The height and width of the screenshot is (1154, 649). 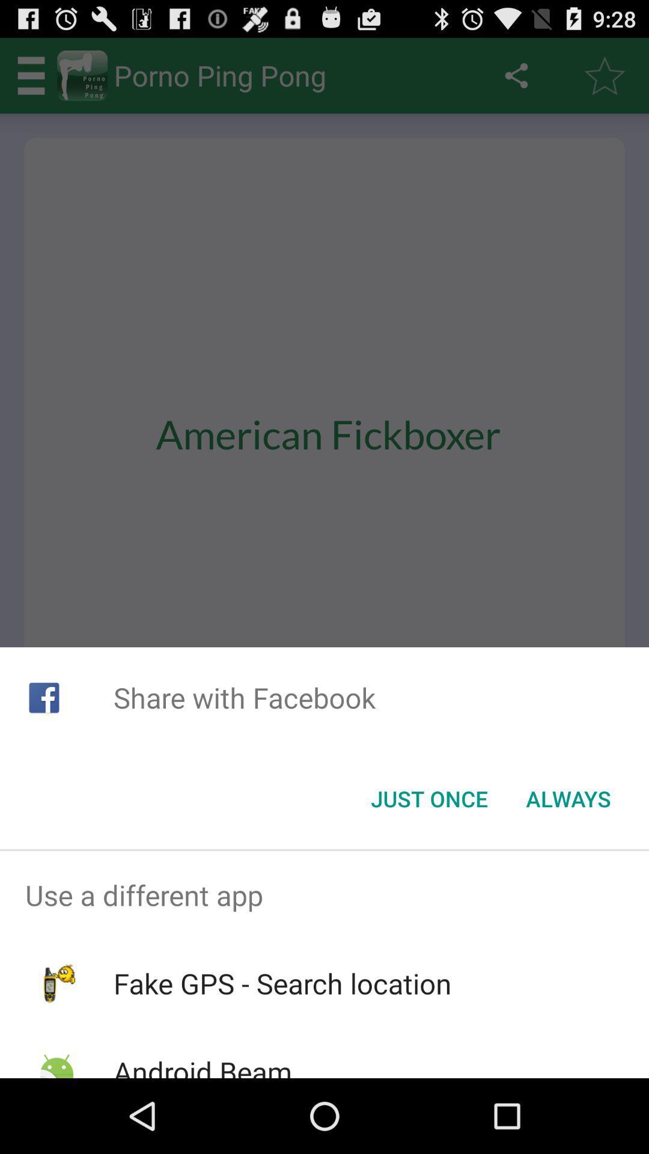 What do you see at coordinates (568, 799) in the screenshot?
I see `the always button` at bounding box center [568, 799].